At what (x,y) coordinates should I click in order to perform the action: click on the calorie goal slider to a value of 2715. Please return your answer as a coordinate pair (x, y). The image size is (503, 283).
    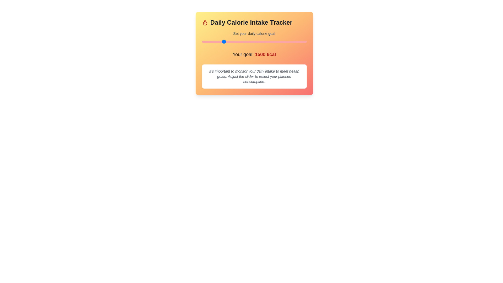
    Looking at the image, I should click on (273, 41).